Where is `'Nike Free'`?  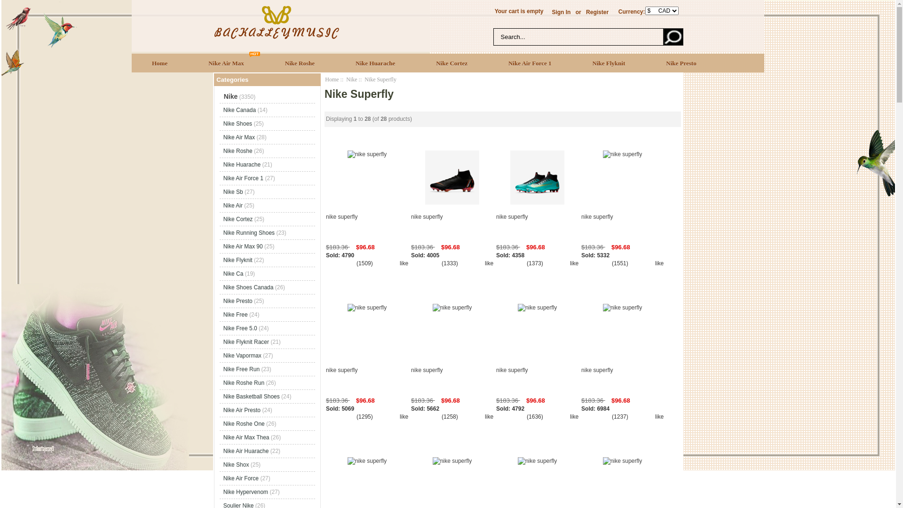
'Nike Free' is located at coordinates (235, 314).